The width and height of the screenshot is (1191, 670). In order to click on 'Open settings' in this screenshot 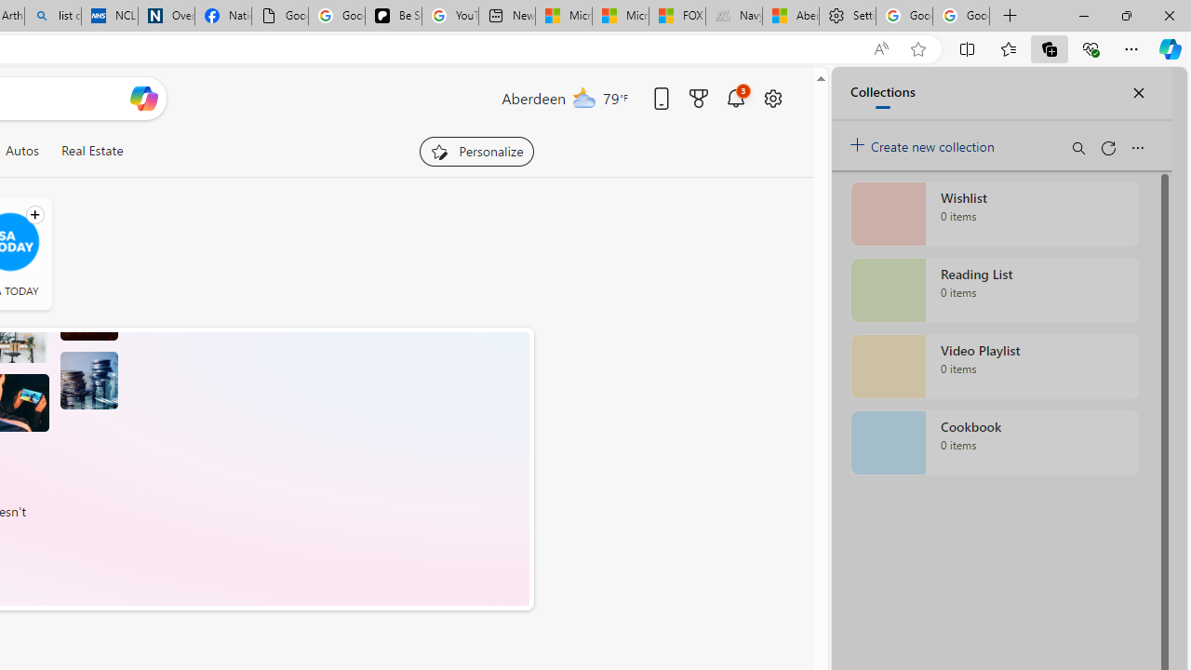, I will do `click(772, 98)`.